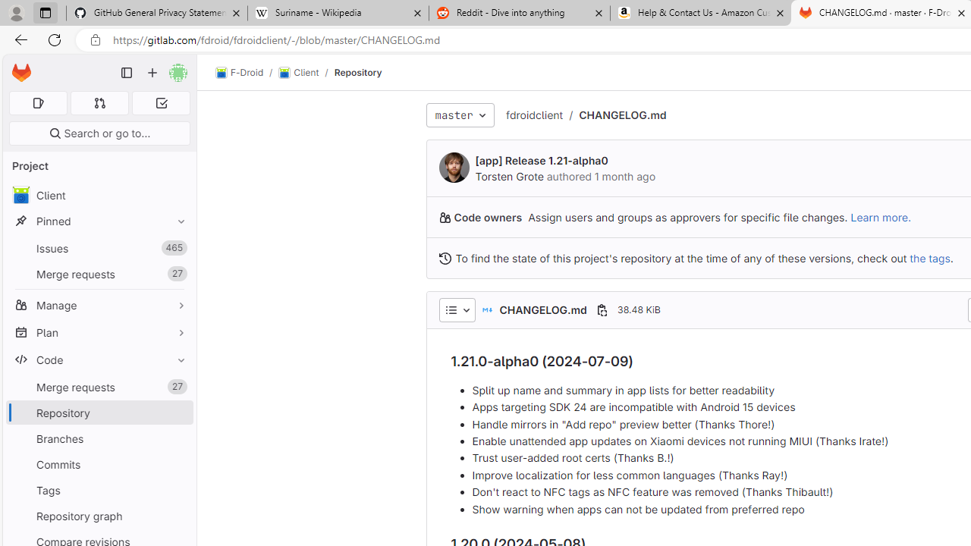  Describe the element at coordinates (337, 13) in the screenshot. I see `'Suriname - Wikipedia'` at that location.